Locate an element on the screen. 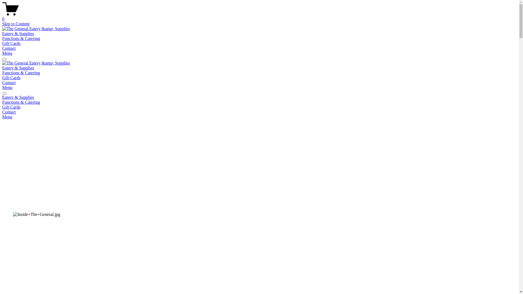  'Functions & Catering' is located at coordinates (259, 102).